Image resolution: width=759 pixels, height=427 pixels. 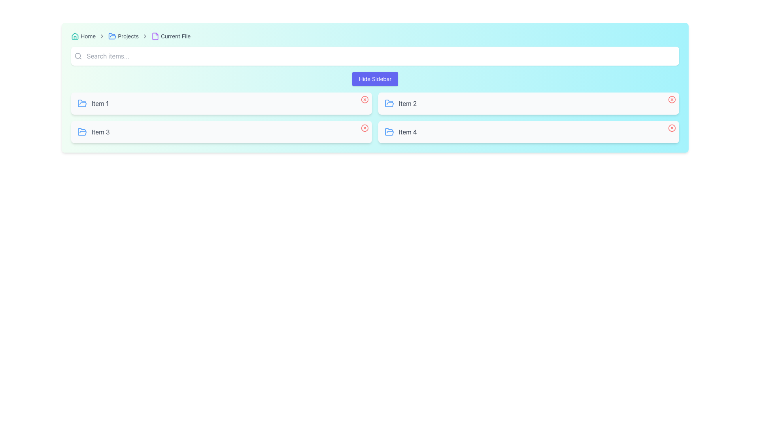 What do you see at coordinates (155, 36) in the screenshot?
I see `the file icon in the breadcrumb navigation that precedes the text label 'Current File'` at bounding box center [155, 36].